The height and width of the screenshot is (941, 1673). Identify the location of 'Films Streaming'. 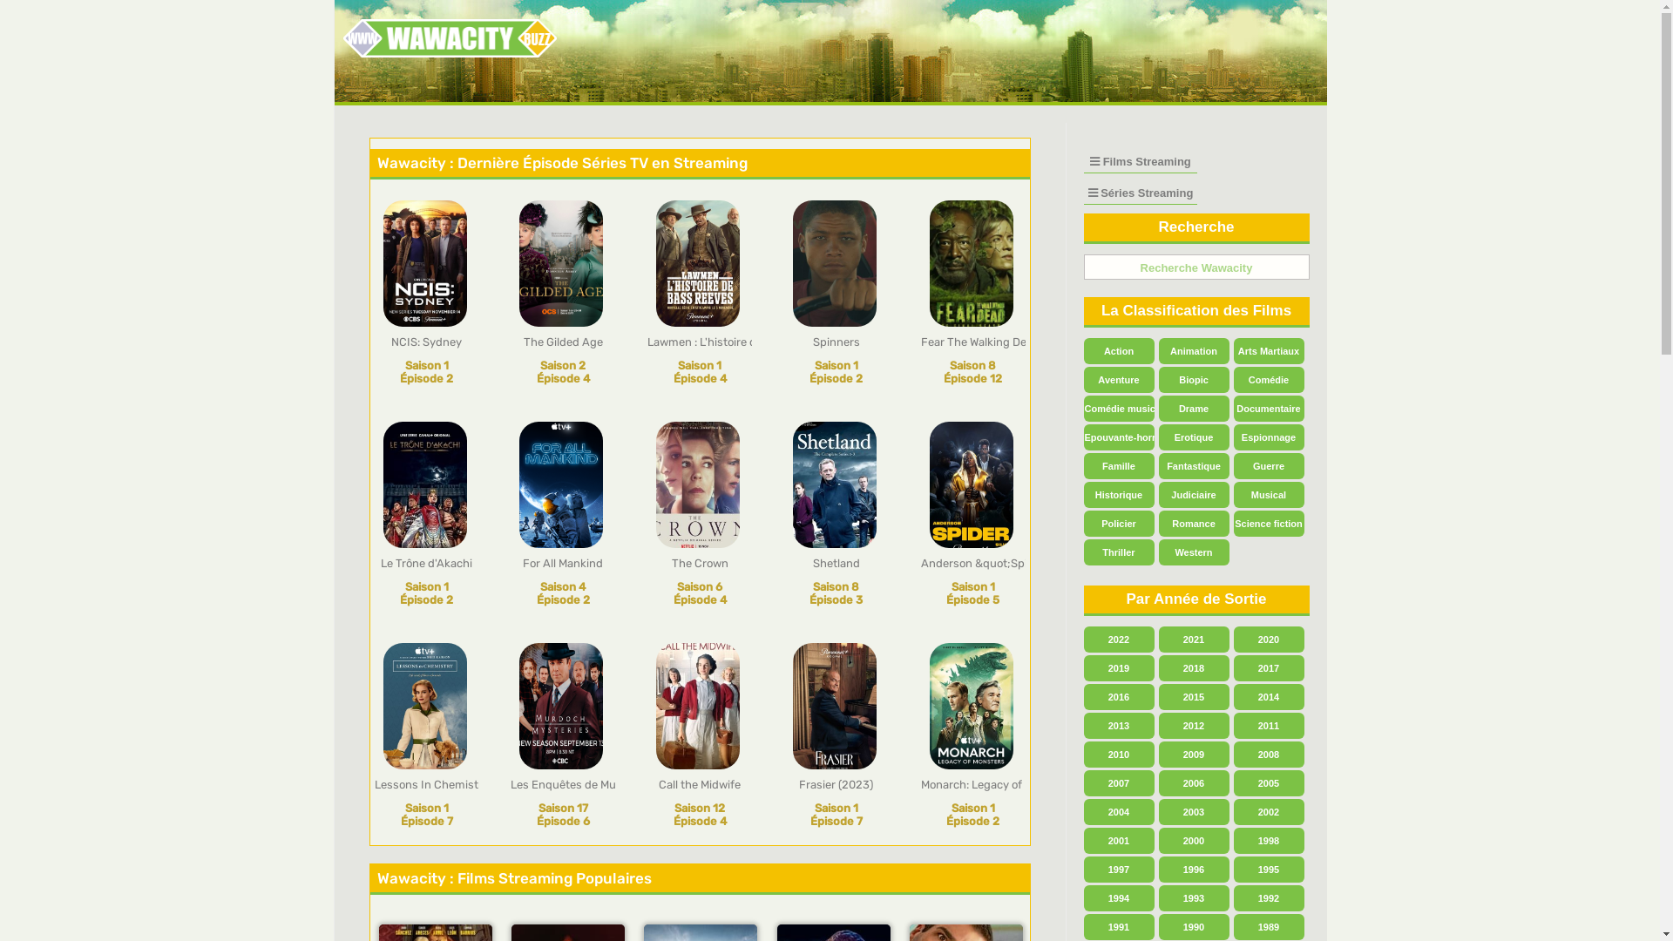
(1141, 161).